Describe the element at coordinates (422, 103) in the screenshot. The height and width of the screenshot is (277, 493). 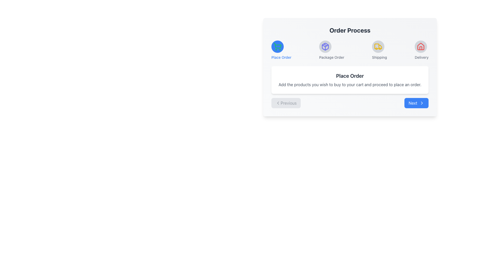
I see `the 'Next' icon located at the bottom-right corner of the interface` at that location.